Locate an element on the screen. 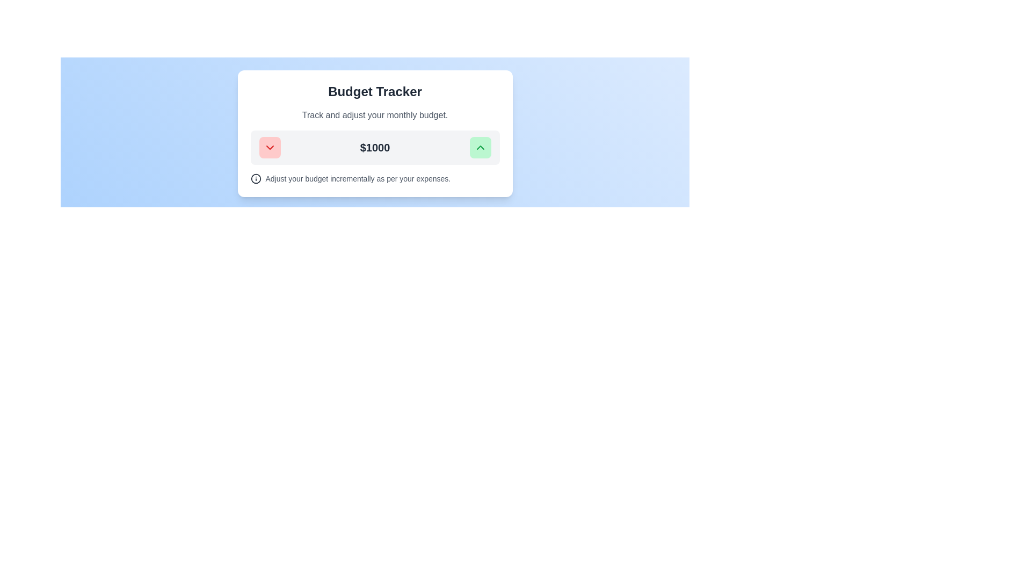  the informational icon next to the text 'Adjust your budget incrementally as per your expenses.' is located at coordinates (375, 178).